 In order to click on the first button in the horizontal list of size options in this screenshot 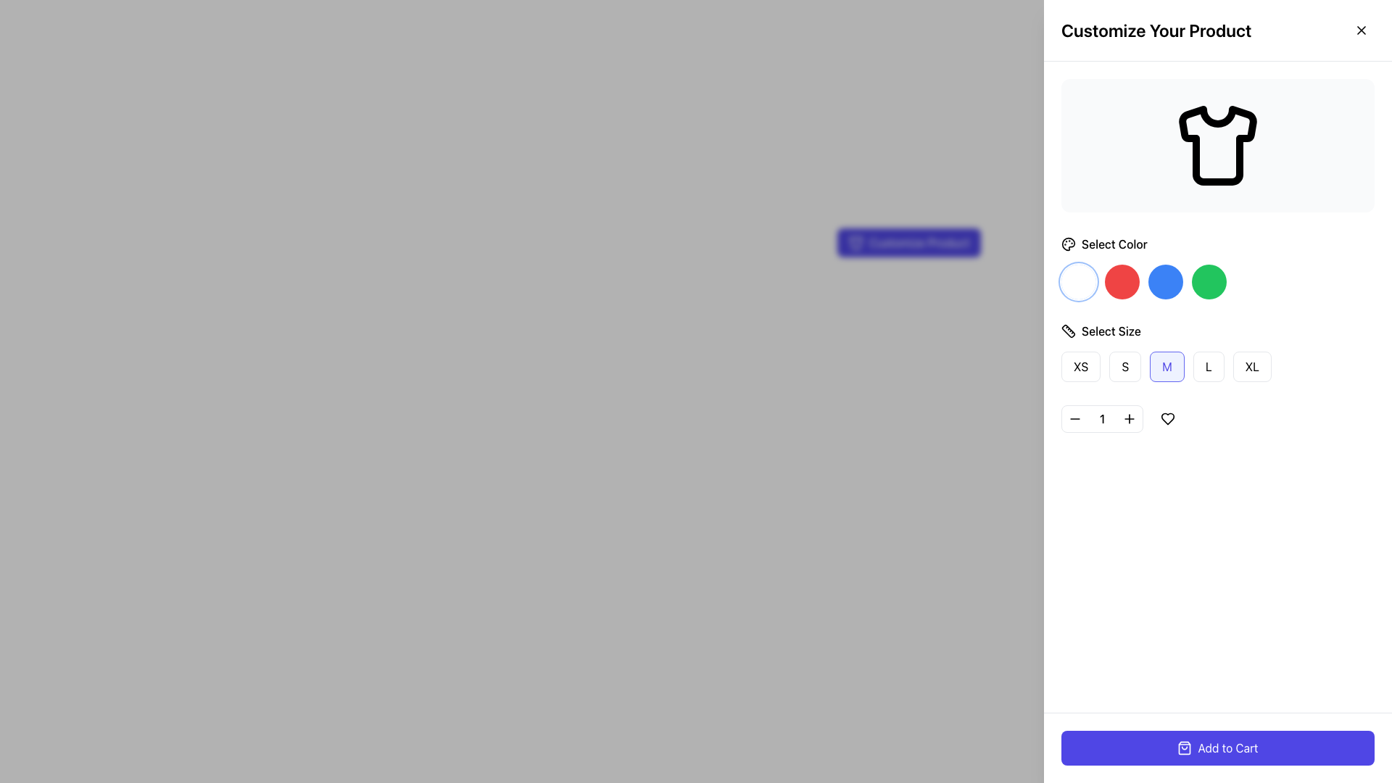, I will do `click(1081, 365)`.